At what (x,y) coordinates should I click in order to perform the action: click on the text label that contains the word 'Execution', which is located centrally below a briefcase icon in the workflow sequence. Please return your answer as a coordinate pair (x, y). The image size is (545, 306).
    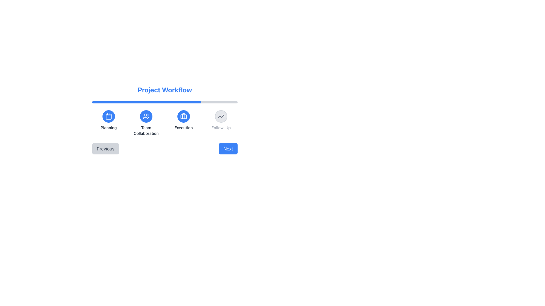
    Looking at the image, I should click on (184, 128).